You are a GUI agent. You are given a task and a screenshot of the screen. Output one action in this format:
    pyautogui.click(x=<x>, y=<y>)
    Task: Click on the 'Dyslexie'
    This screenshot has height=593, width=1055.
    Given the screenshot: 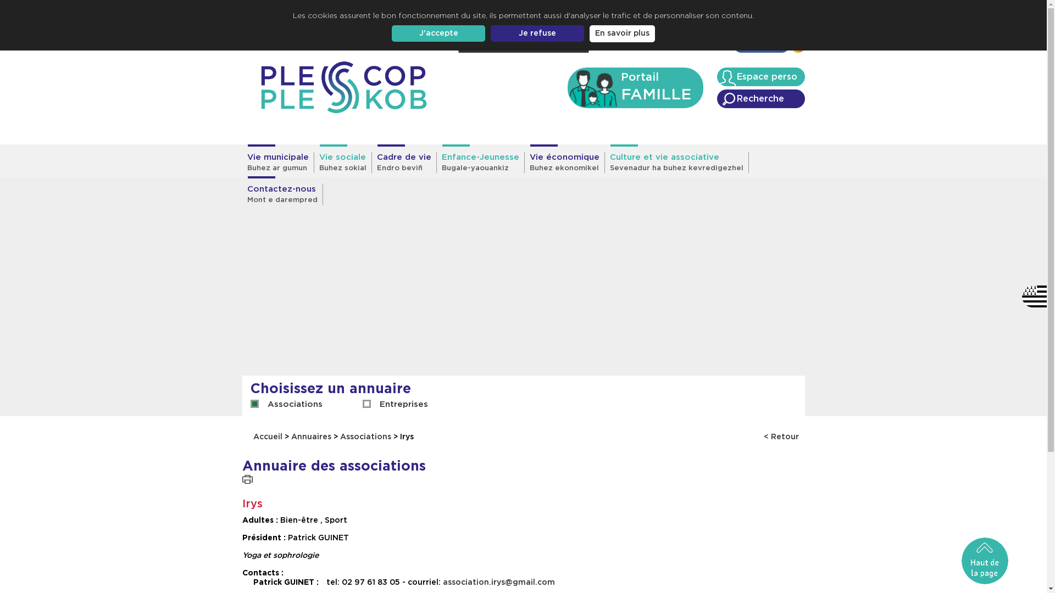 What is the action you would take?
    pyautogui.click(x=551, y=42)
    